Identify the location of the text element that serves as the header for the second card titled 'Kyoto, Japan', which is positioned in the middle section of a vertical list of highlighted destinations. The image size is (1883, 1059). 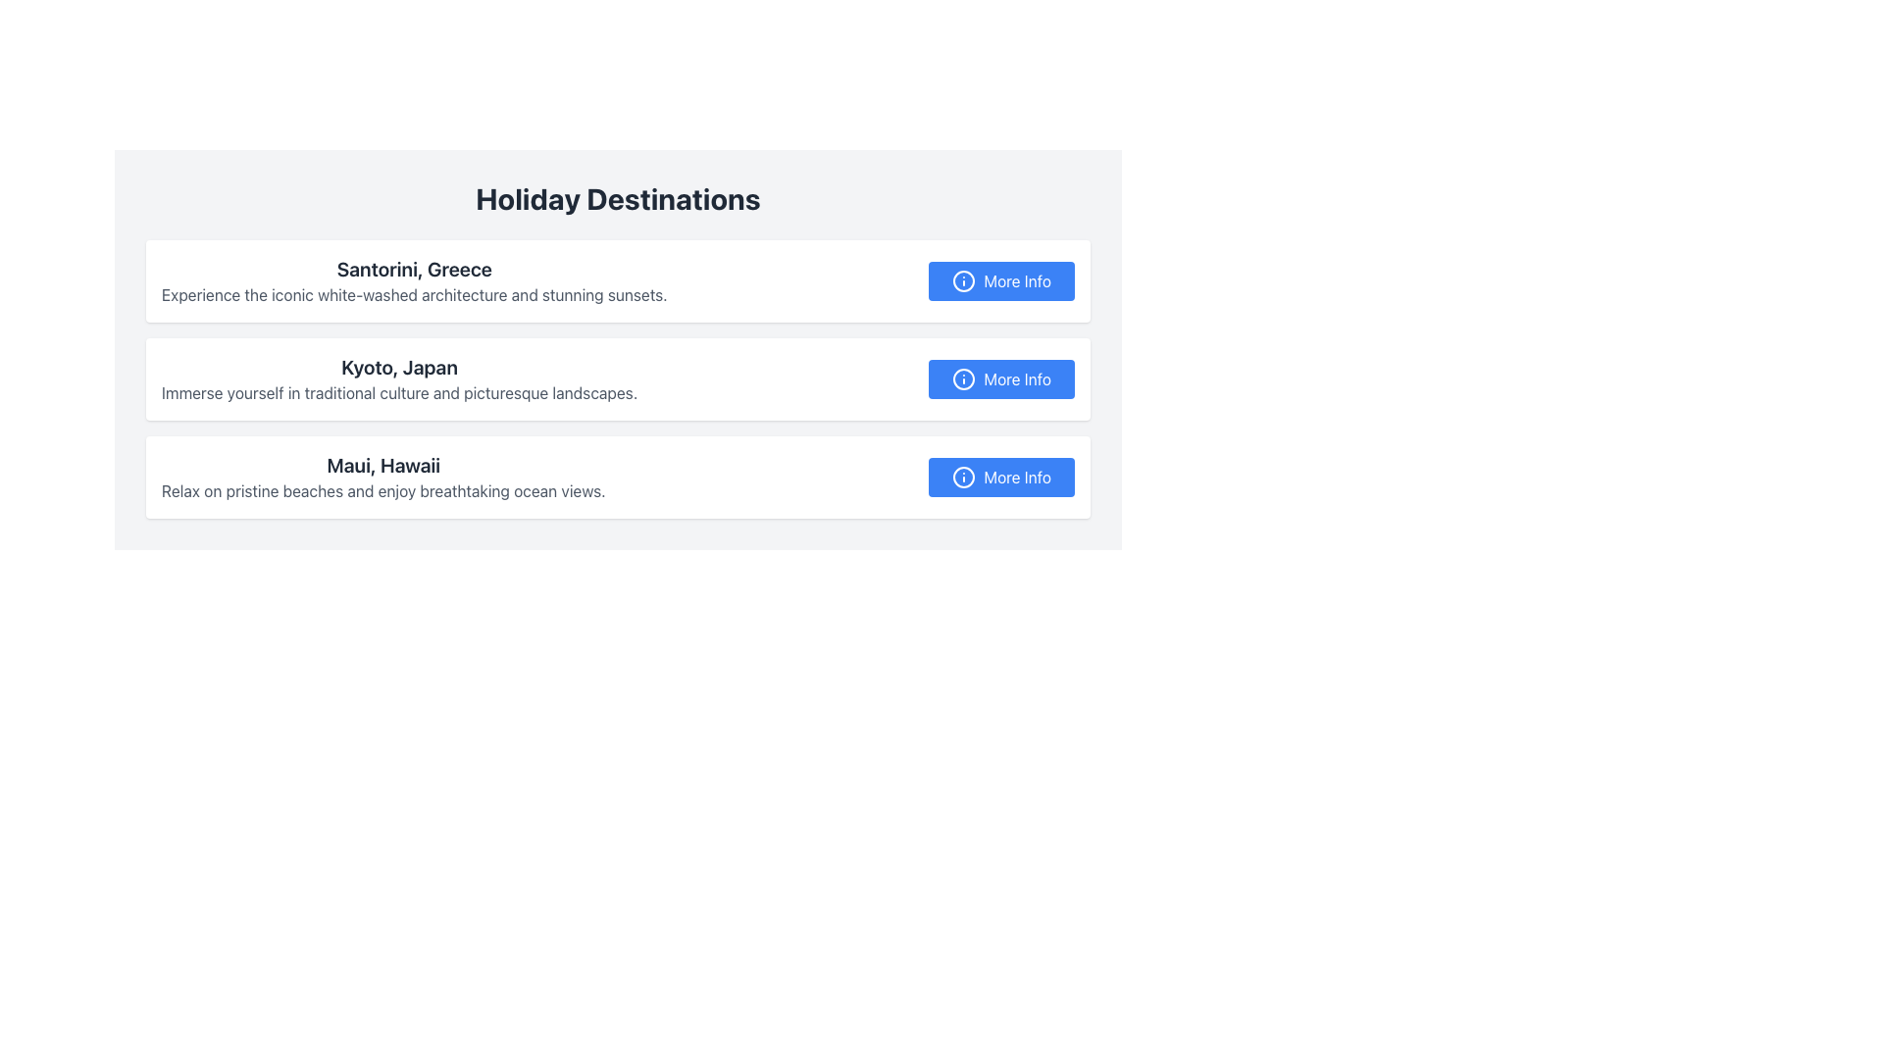
(398, 367).